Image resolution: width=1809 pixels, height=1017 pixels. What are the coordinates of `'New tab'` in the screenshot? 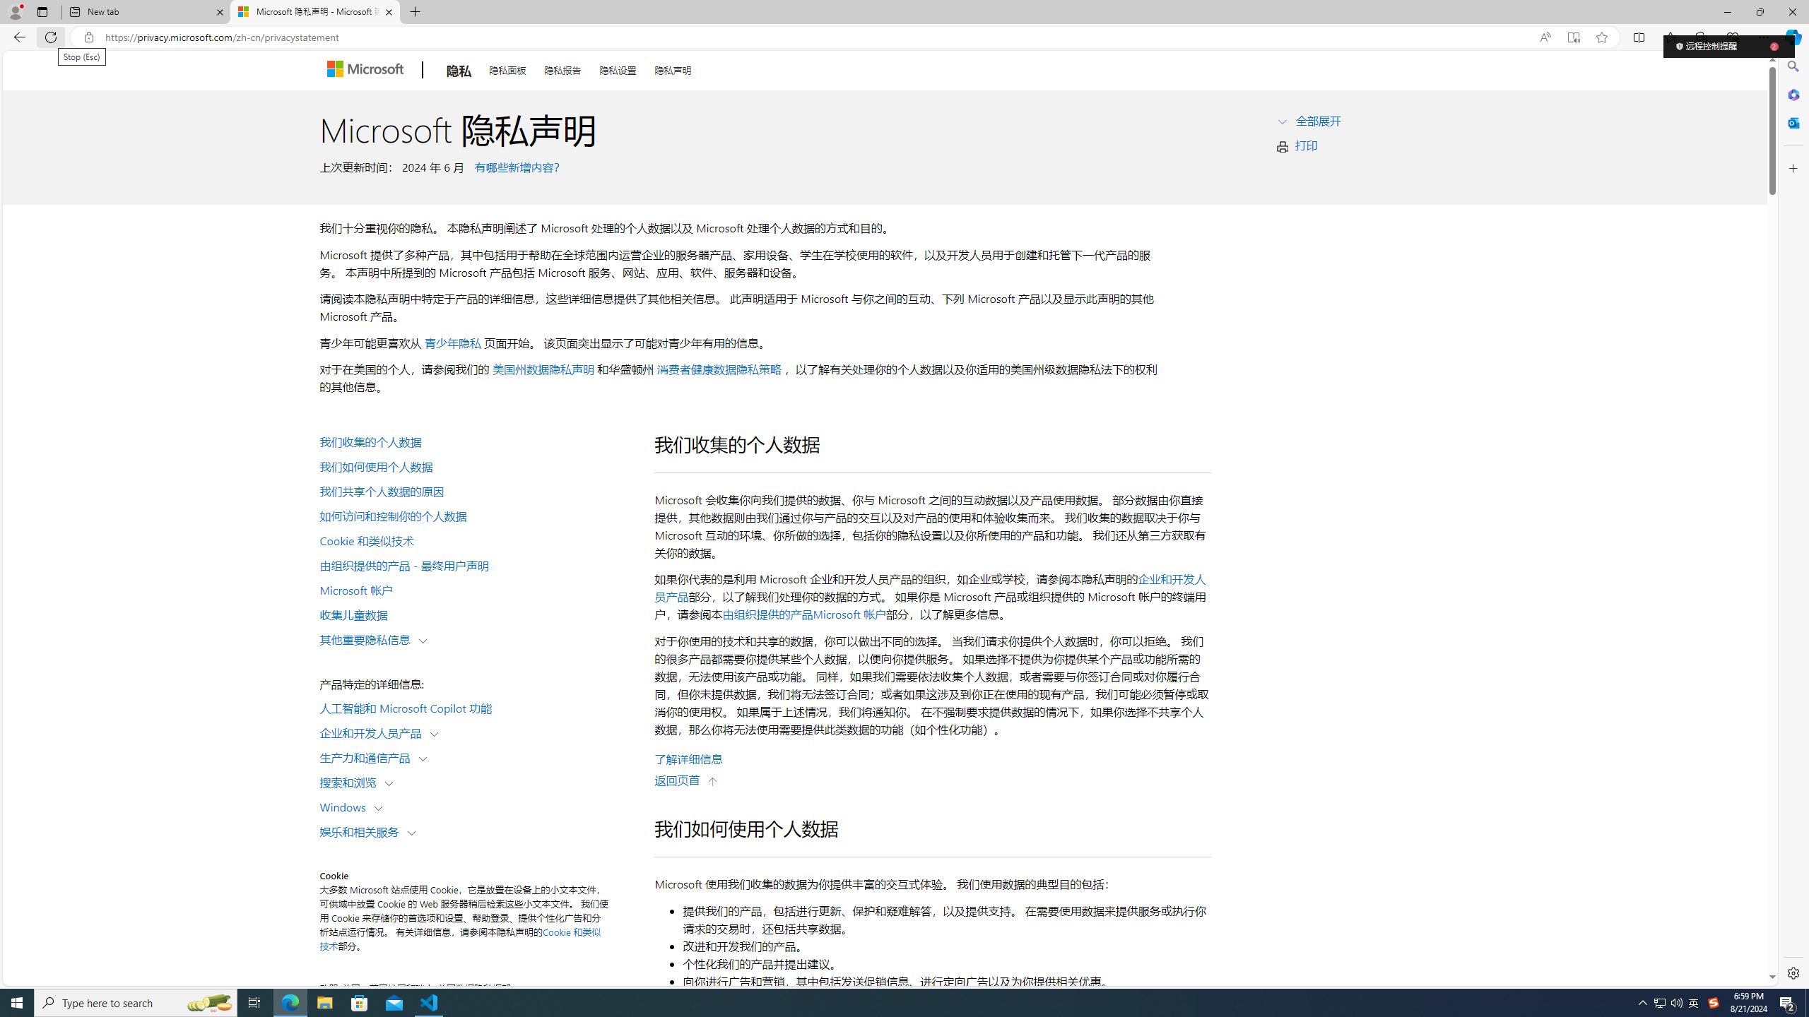 It's located at (146, 11).